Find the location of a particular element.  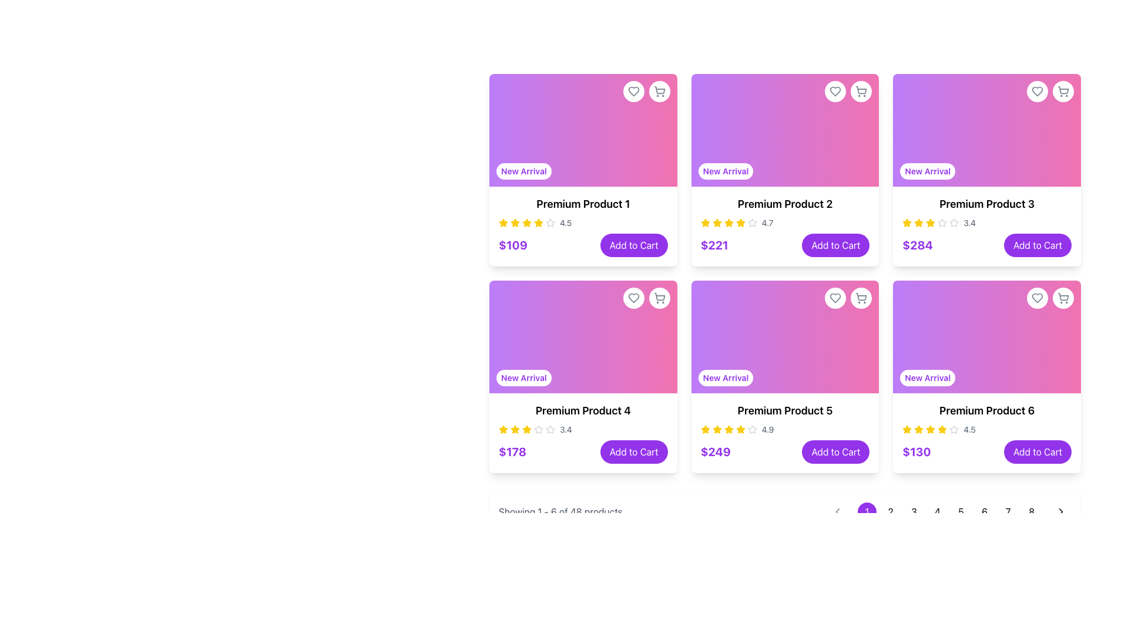

the fifth star icon in the rating system for the 'Premium Product 5' section to interact with the rating is located at coordinates (740, 430).